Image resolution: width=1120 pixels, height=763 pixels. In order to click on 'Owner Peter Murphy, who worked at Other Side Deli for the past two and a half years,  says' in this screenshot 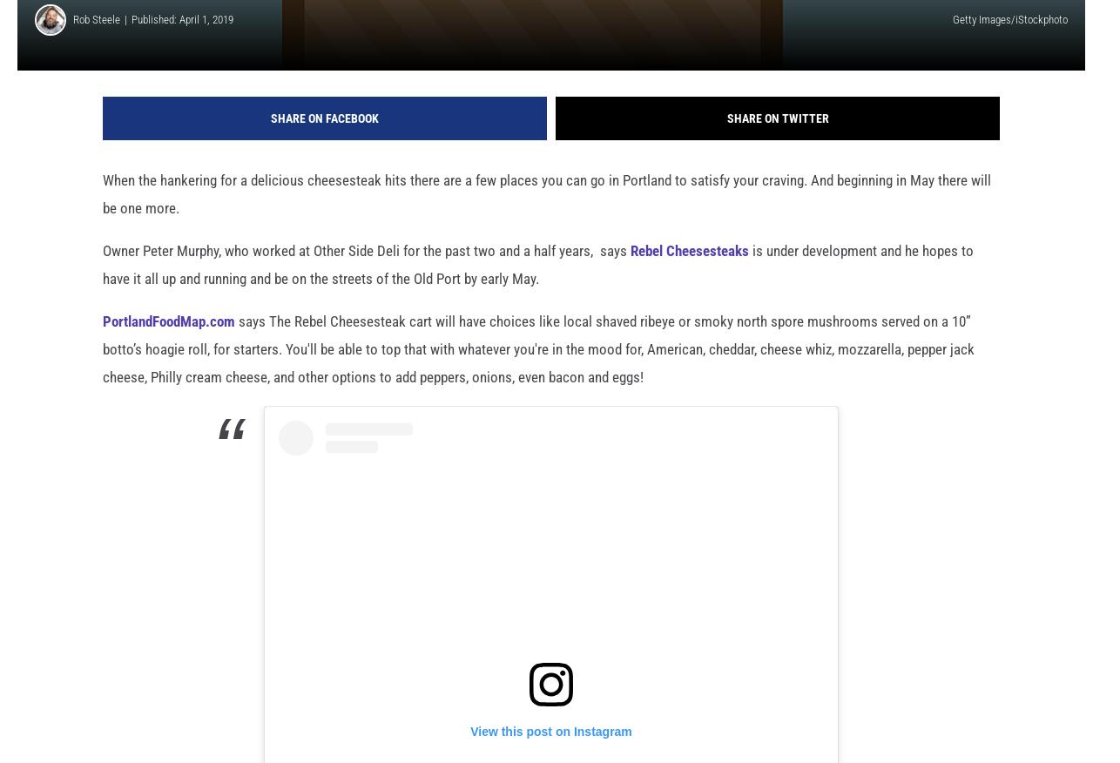, I will do `click(103, 279)`.